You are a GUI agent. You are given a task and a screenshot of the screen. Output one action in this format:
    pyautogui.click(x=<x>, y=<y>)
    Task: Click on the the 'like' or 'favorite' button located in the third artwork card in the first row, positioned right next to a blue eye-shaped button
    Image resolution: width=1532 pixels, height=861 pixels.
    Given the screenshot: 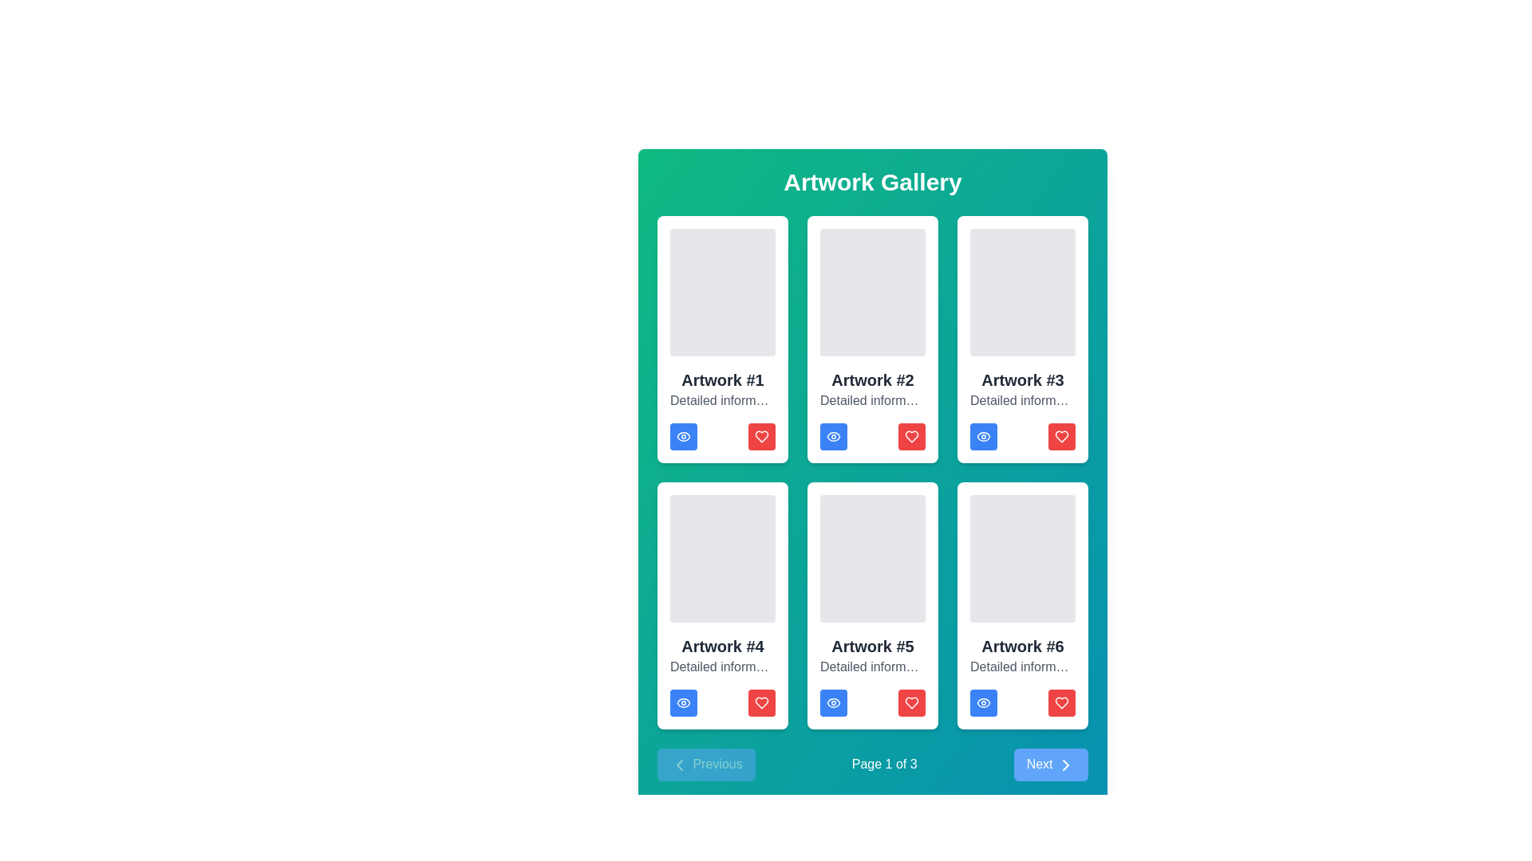 What is the action you would take?
    pyautogui.click(x=1061, y=436)
    